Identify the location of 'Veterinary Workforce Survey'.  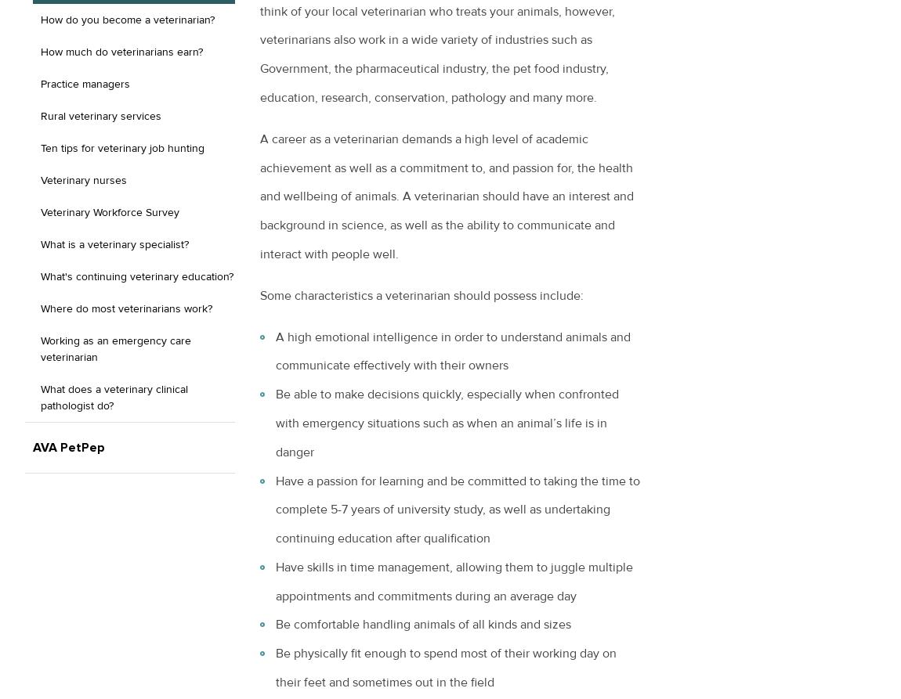
(39, 211).